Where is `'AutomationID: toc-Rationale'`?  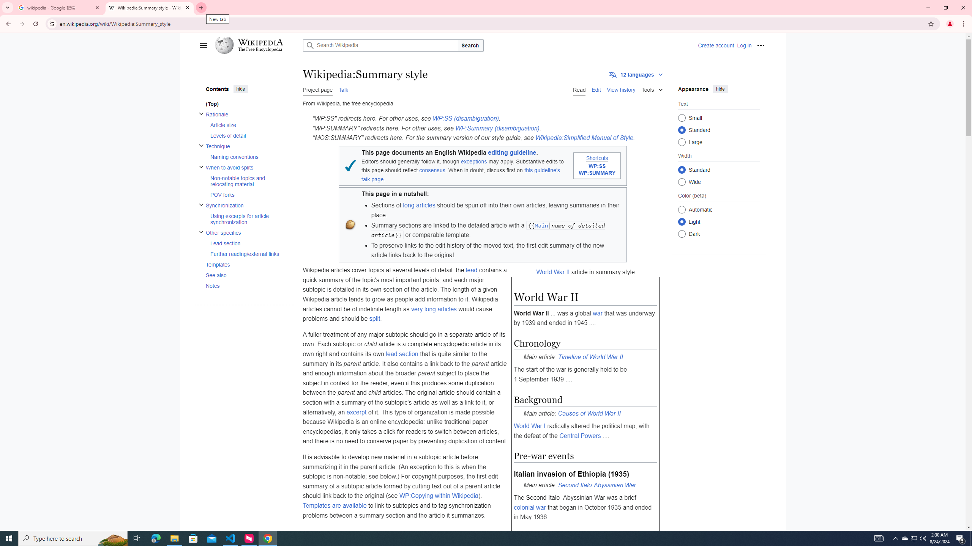 'AutomationID: toc-Rationale' is located at coordinates (244, 125).